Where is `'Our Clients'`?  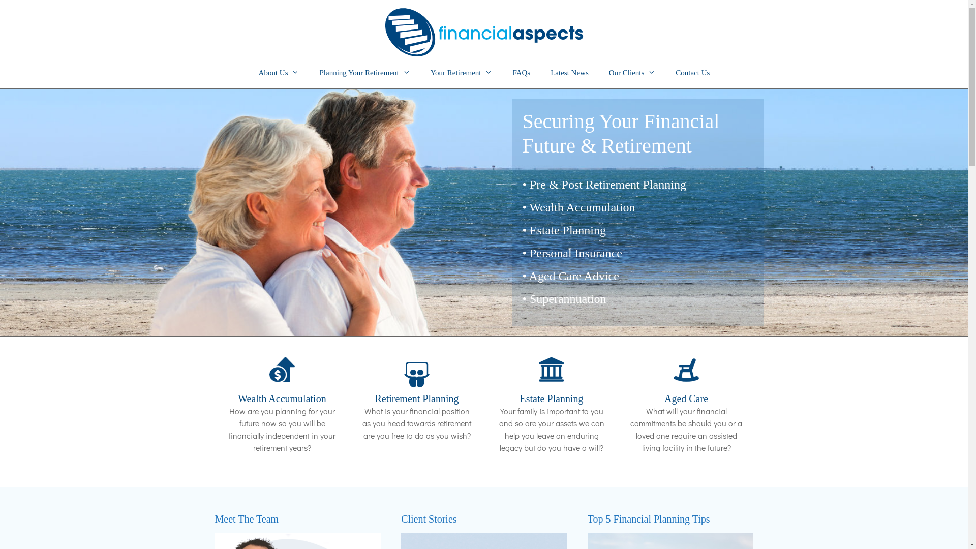 'Our Clients' is located at coordinates (631, 72).